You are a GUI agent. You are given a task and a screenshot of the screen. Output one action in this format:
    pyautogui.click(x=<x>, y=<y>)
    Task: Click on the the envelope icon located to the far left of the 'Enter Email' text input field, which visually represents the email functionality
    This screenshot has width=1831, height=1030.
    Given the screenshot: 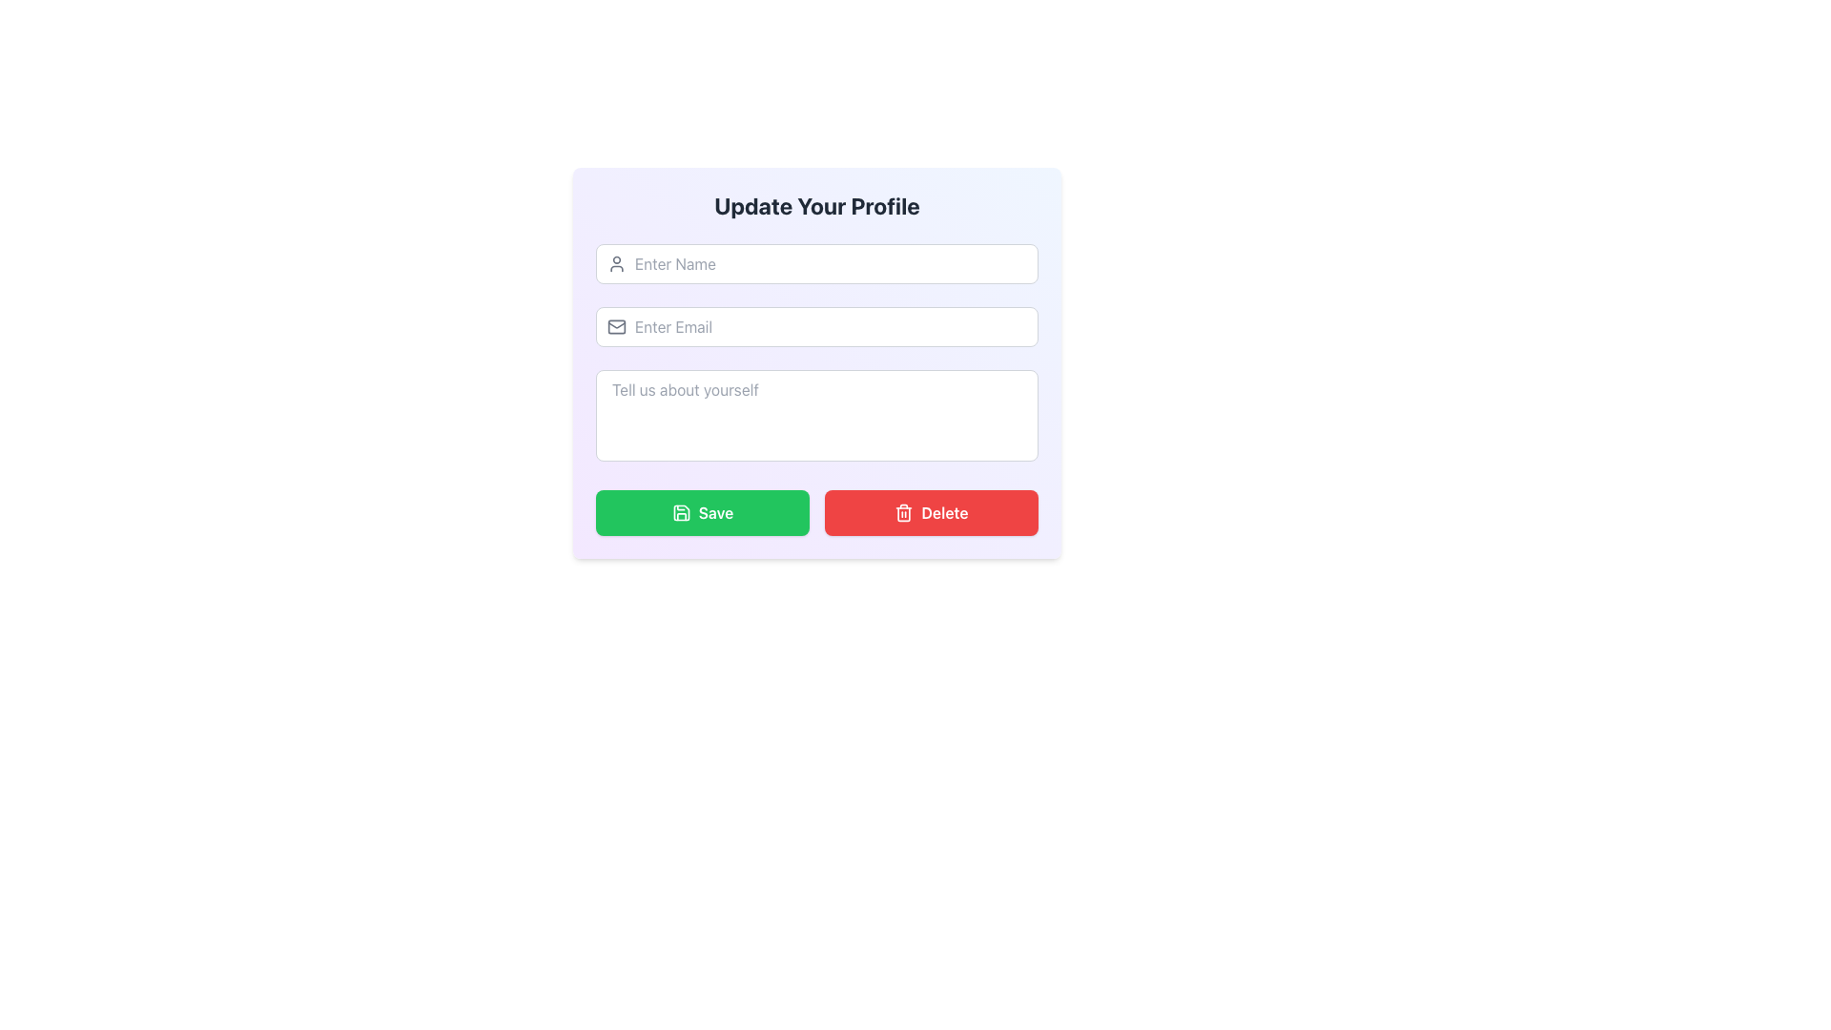 What is the action you would take?
    pyautogui.click(x=617, y=326)
    